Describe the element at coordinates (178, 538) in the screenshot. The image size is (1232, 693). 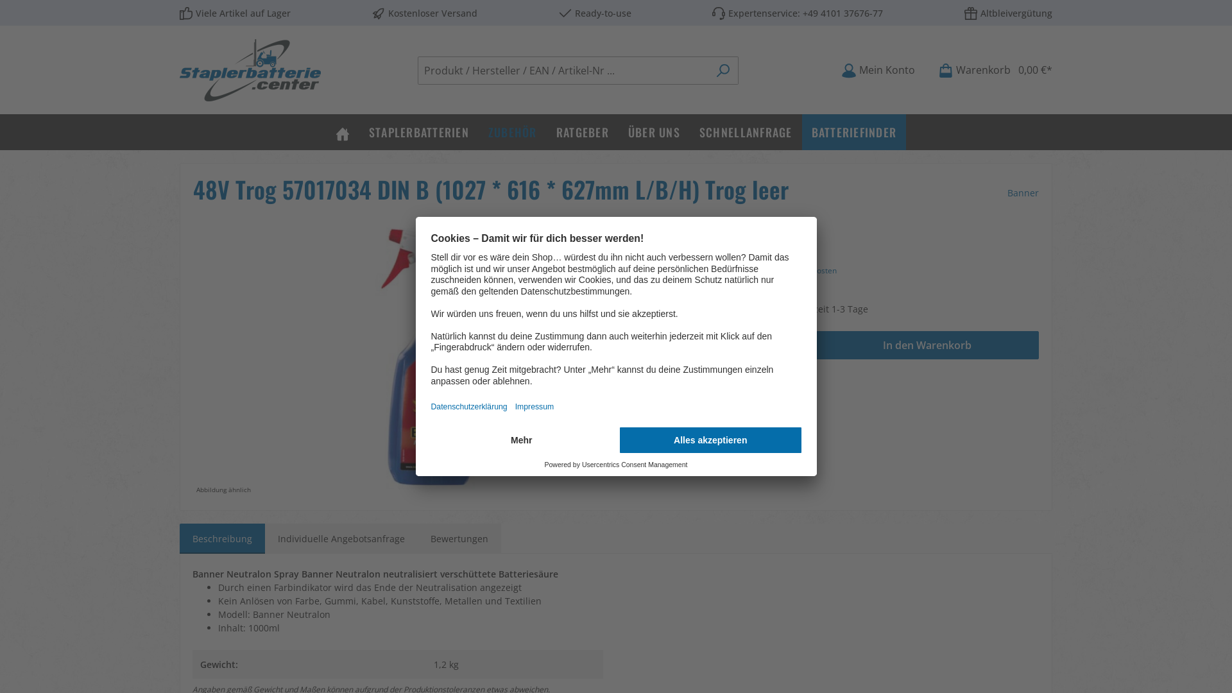
I see `'Beschreibung'` at that location.